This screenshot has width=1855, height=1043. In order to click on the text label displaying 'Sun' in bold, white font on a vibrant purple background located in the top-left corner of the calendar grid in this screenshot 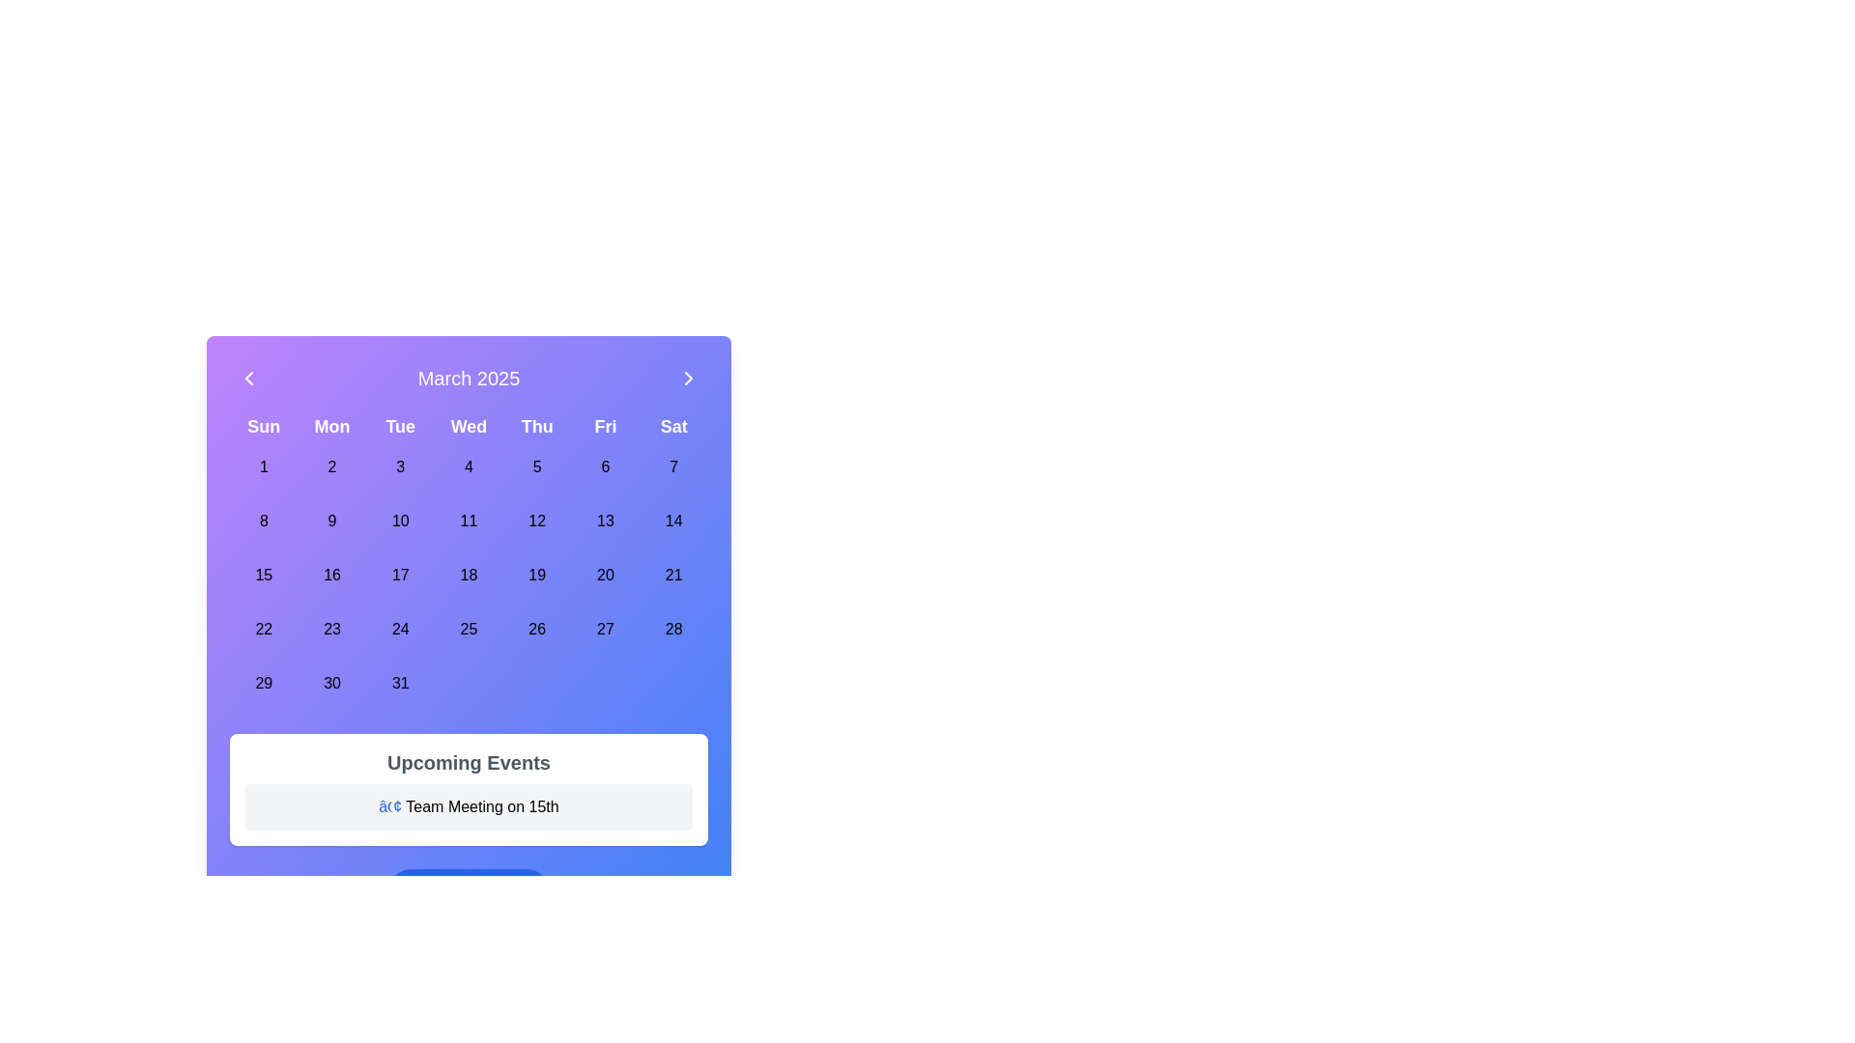, I will do `click(263, 426)`.